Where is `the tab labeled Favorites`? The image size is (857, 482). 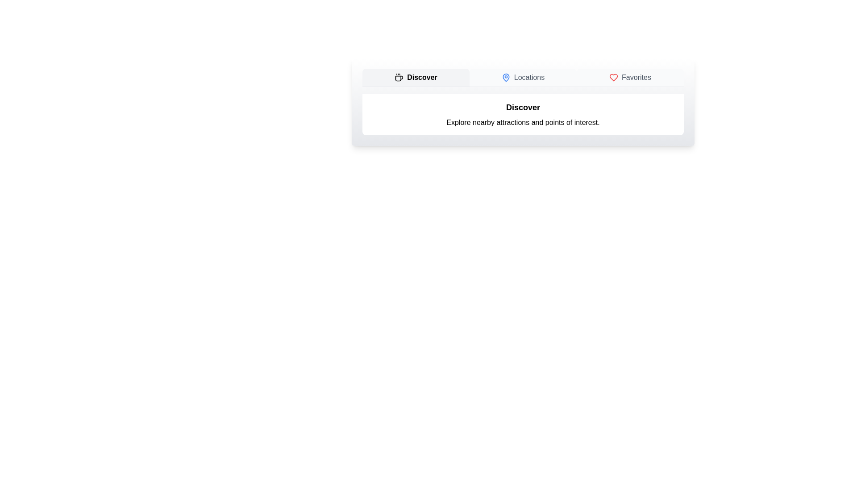
the tab labeled Favorites is located at coordinates (629, 77).